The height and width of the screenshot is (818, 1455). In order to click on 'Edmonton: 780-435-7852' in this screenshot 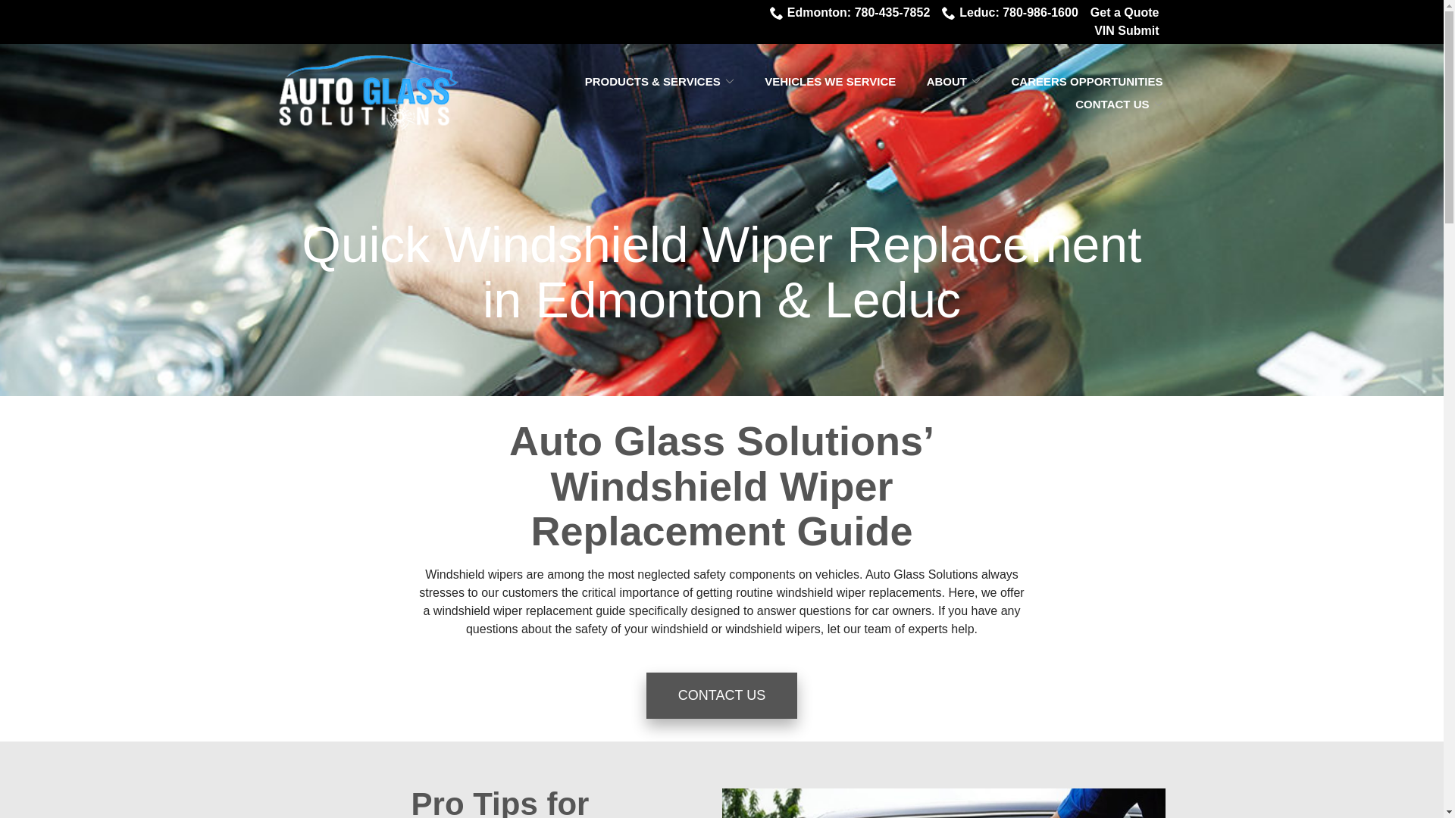, I will do `click(850, 12)`.